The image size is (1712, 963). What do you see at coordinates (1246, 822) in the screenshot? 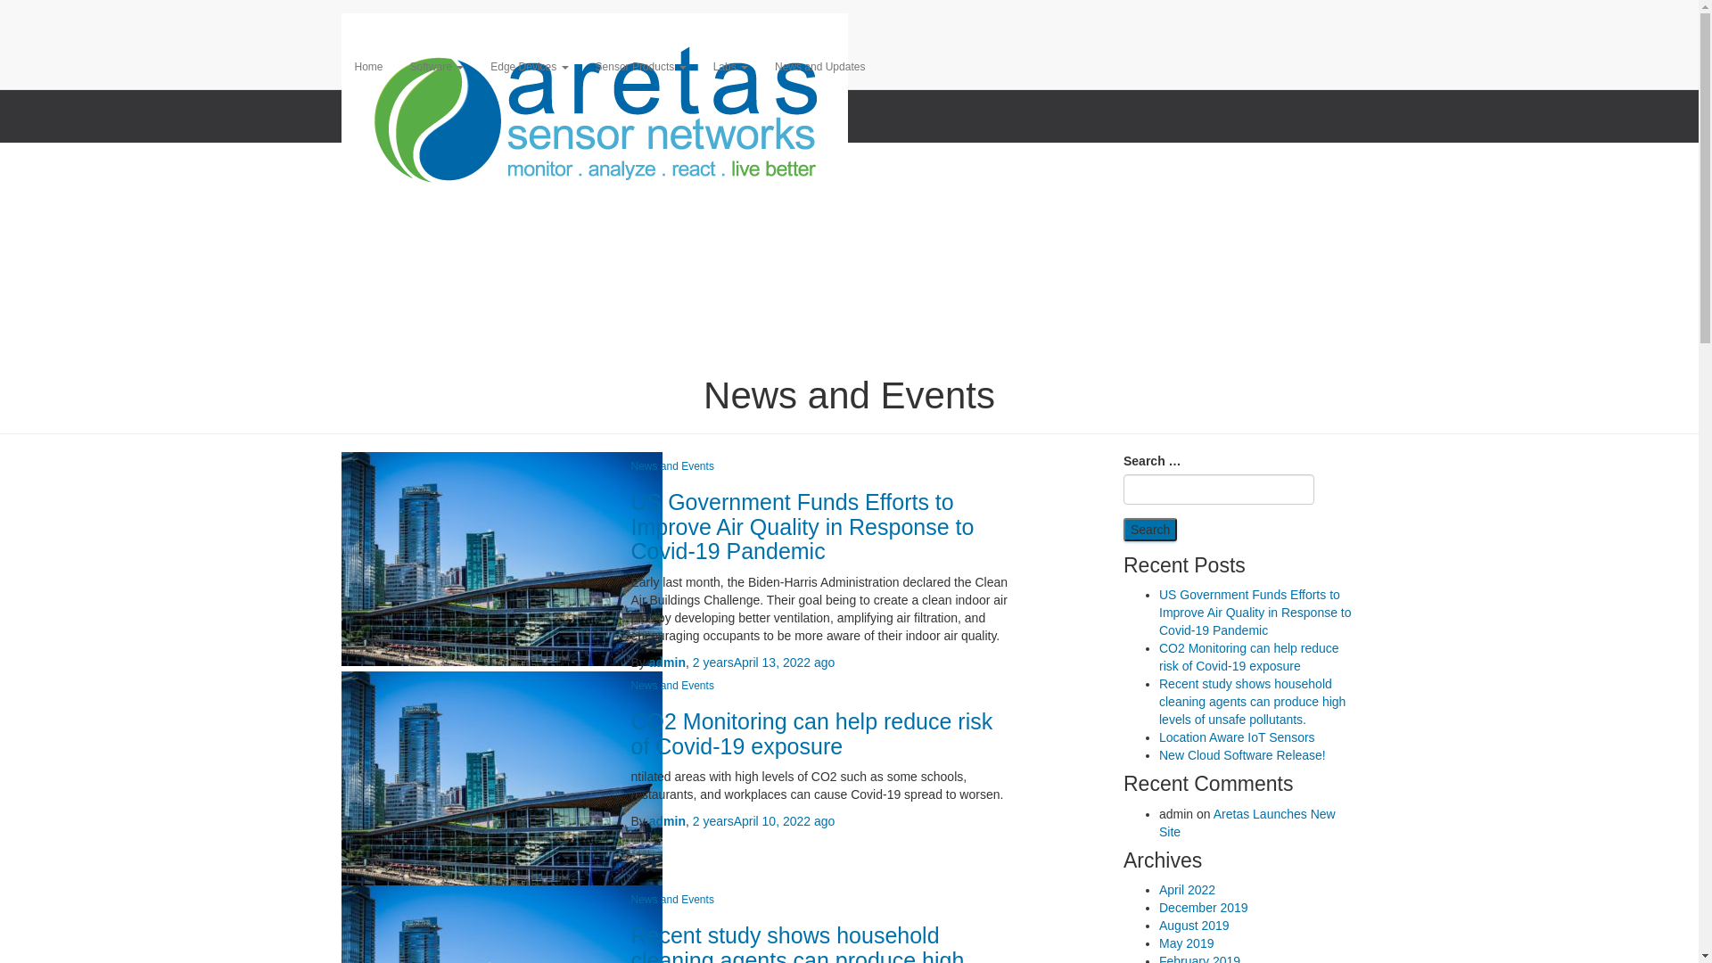
I see `'Aretas Launches New Site'` at bounding box center [1246, 822].